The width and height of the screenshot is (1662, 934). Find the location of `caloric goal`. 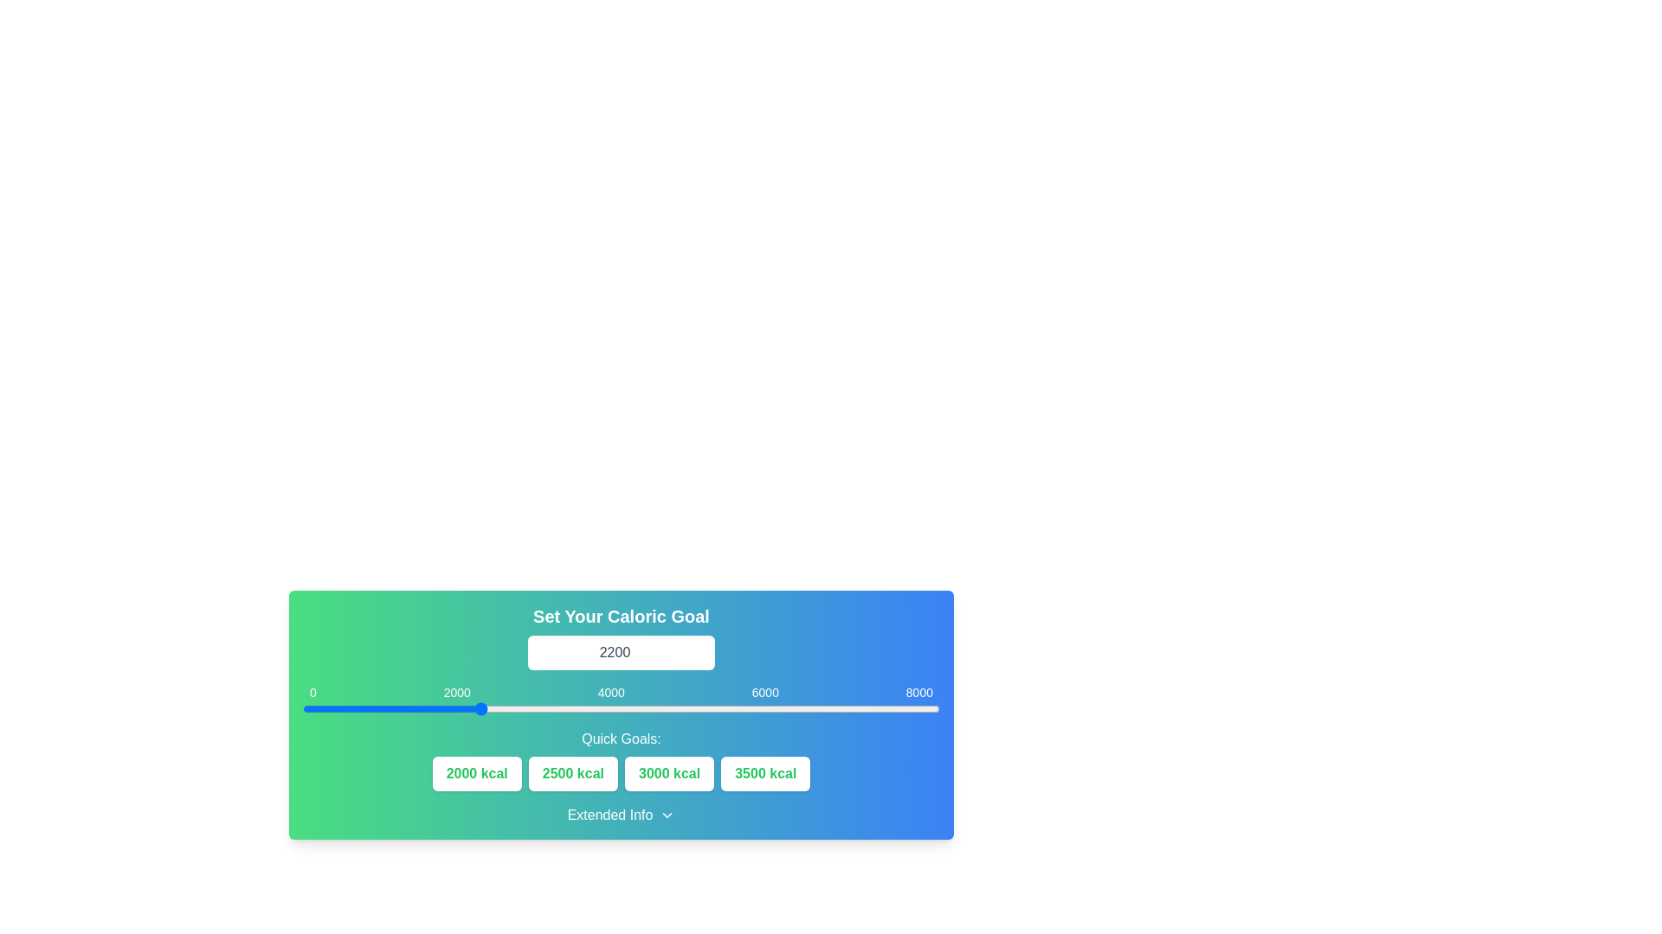

caloric goal is located at coordinates (918, 709).